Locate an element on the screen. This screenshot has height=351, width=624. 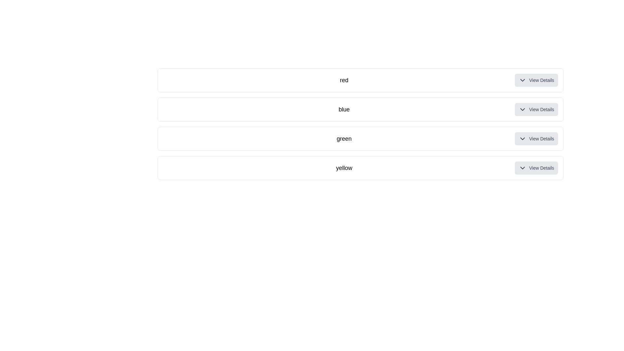
the chevron-down dropdown indicator icon located to the left of the 'View Details' text in the third row of the list is located at coordinates (523, 138).